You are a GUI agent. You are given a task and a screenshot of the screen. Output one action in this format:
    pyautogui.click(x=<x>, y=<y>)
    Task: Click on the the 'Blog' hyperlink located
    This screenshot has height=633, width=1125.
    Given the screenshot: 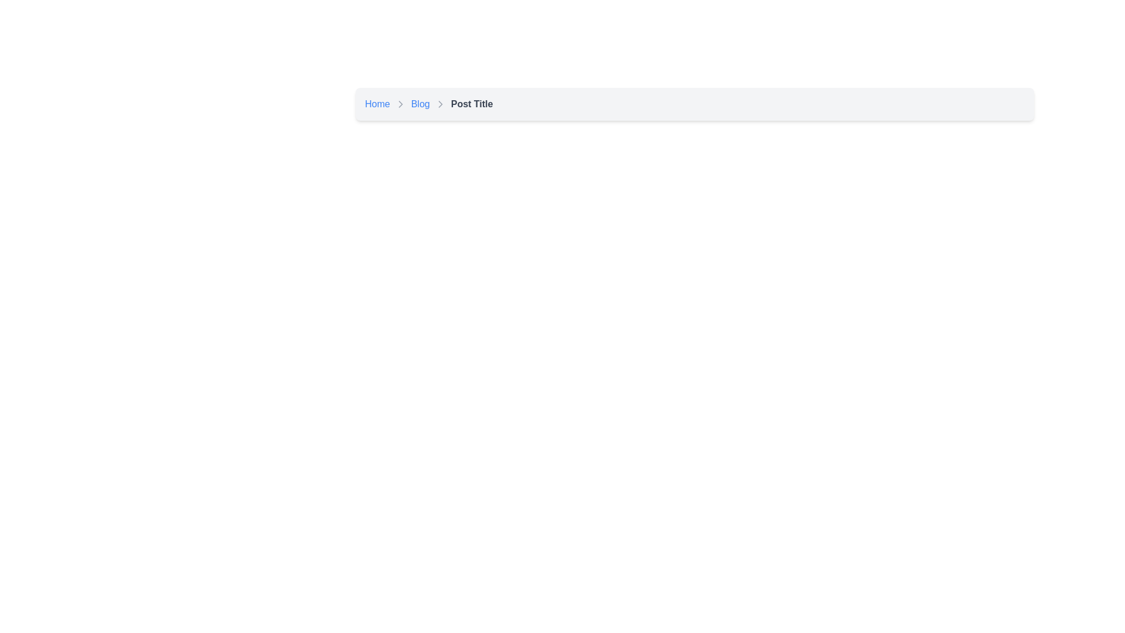 What is the action you would take?
    pyautogui.click(x=420, y=103)
    